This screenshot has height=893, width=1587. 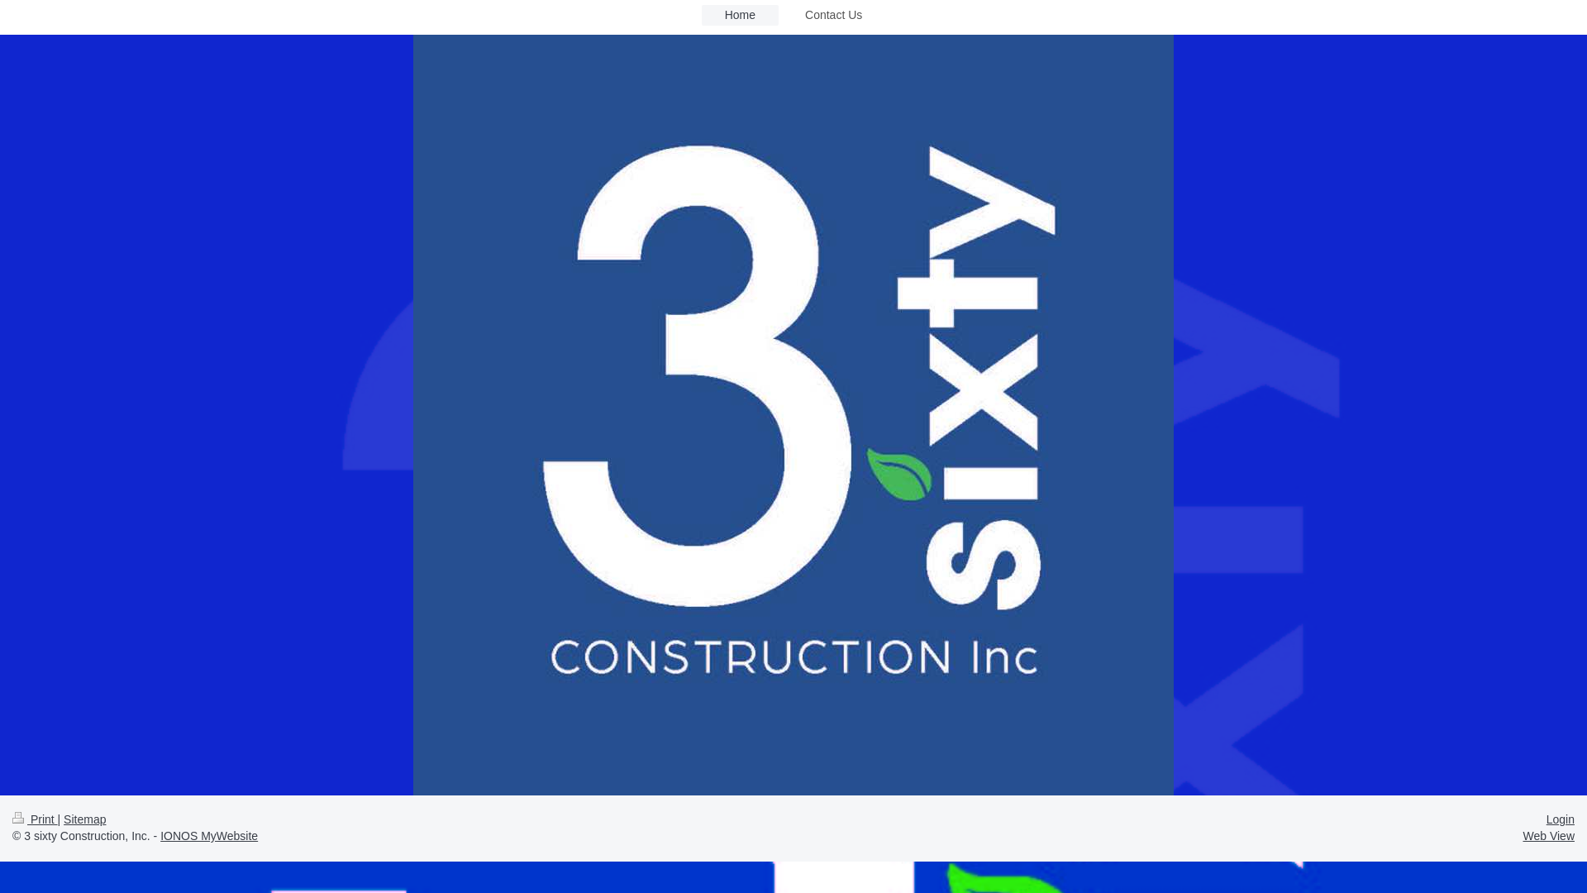 What do you see at coordinates (208, 835) in the screenshot?
I see `'IONOS MyWebsite'` at bounding box center [208, 835].